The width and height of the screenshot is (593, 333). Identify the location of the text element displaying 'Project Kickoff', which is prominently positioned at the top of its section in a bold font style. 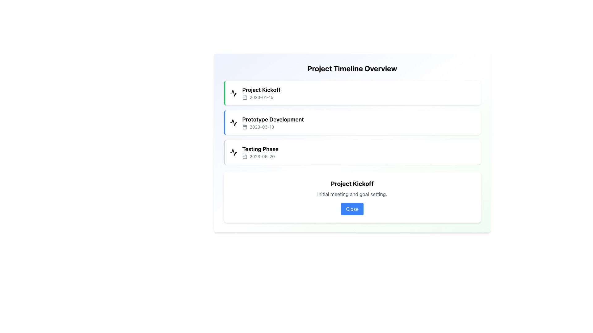
(352, 183).